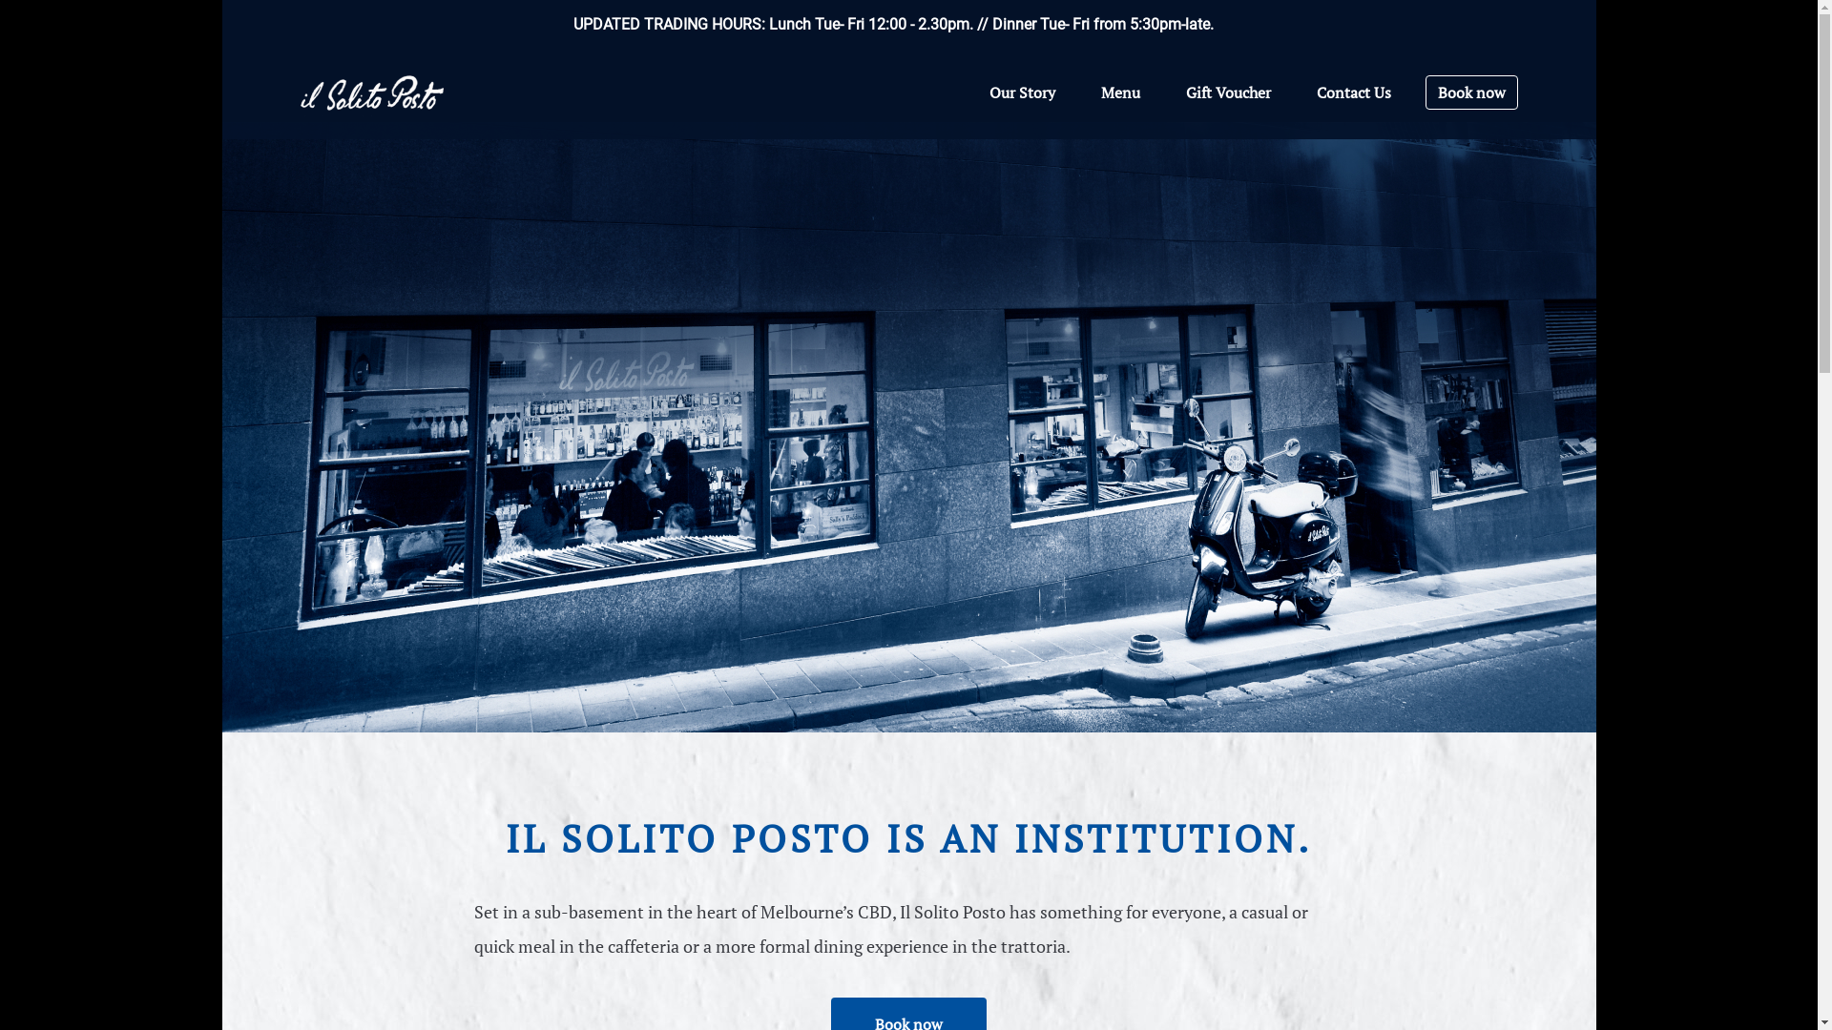 This screenshot has width=1832, height=1030. What do you see at coordinates (1353, 92) in the screenshot?
I see `'Contact Us'` at bounding box center [1353, 92].